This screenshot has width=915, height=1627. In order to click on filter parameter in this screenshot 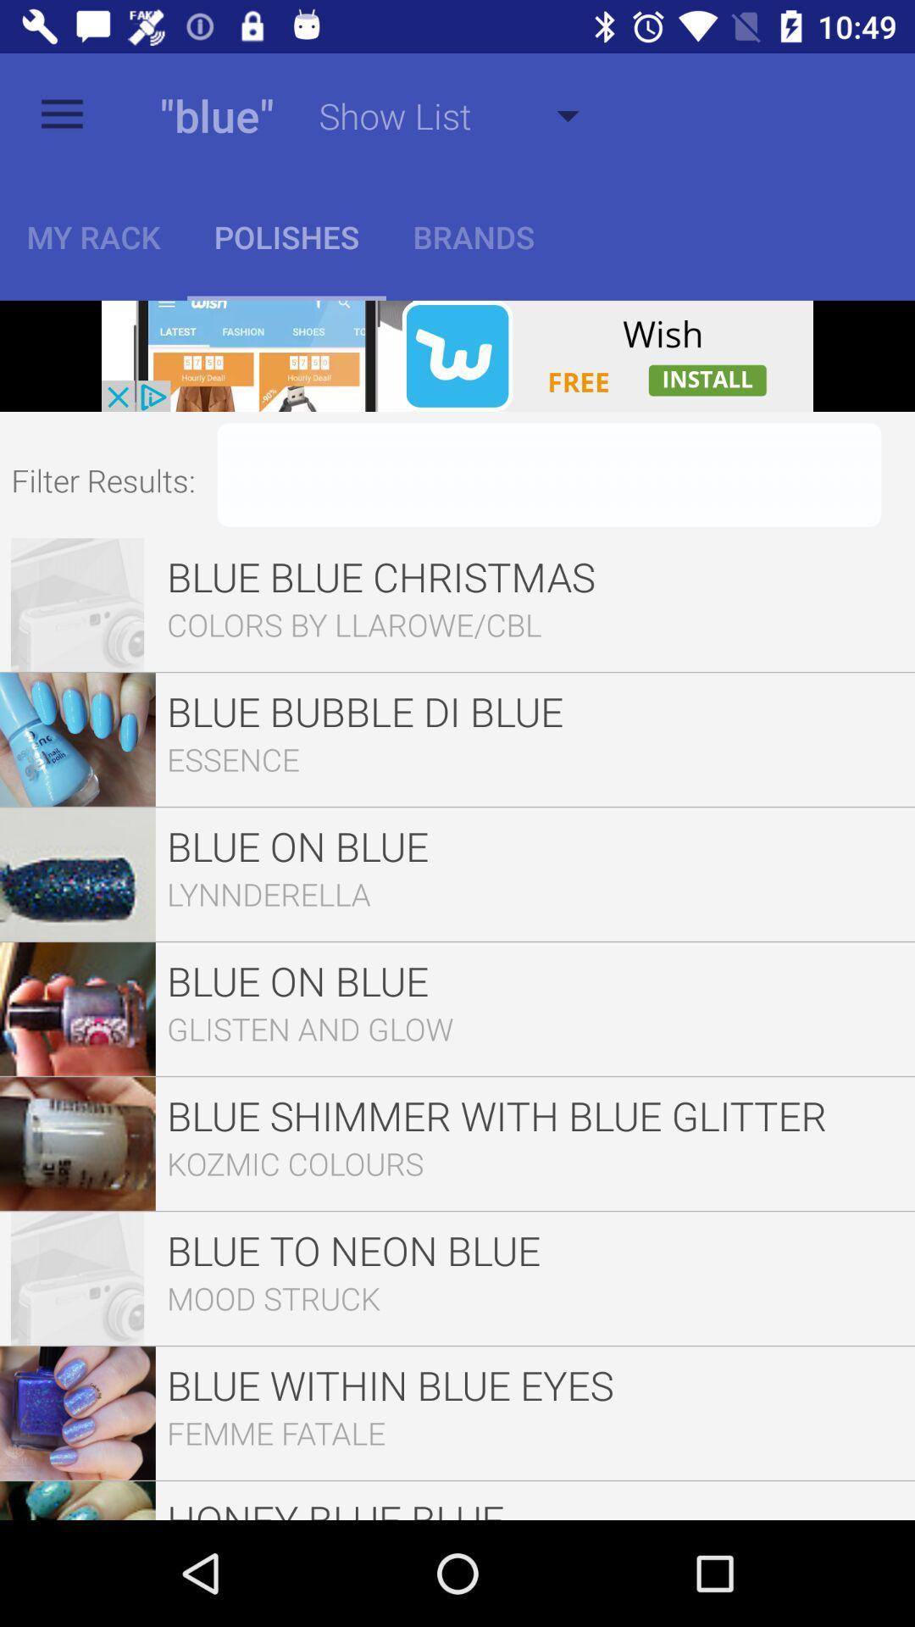, I will do `click(549, 475)`.